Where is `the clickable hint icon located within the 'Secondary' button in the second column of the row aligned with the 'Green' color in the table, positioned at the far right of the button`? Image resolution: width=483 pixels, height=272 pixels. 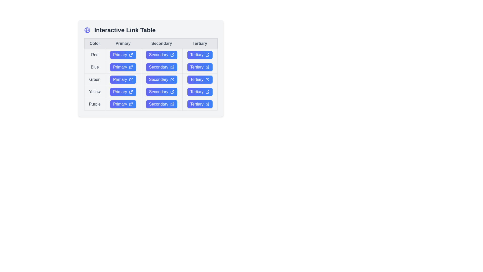
the clickable hint icon located within the 'Secondary' button in the second column of the row aligned with the 'Green' color in the table, positioned at the far right of the button is located at coordinates (172, 79).